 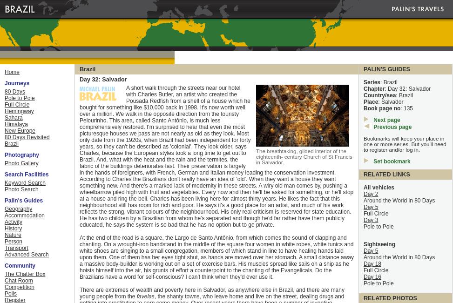 I want to click on 'Chapter', so click(x=373, y=88).